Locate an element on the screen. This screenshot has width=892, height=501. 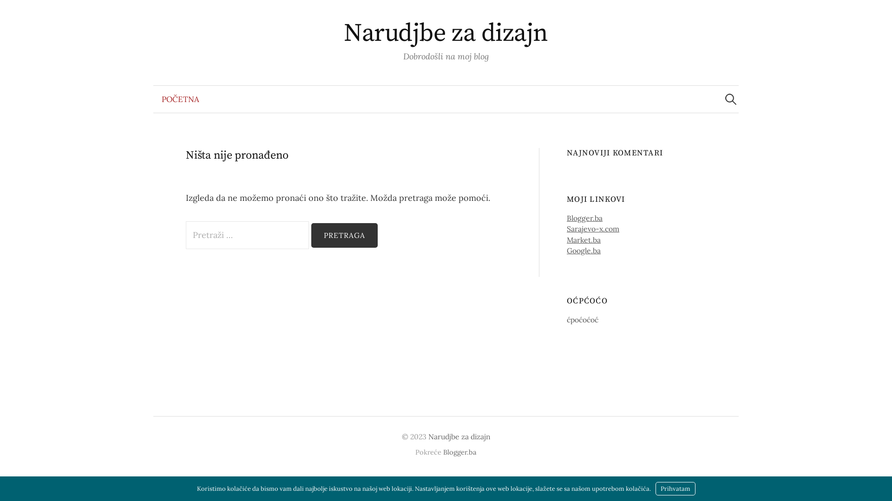
'Market.ba' is located at coordinates (583, 239).